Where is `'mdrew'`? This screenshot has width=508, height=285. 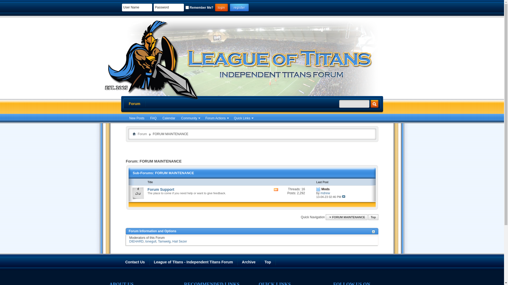
'mdrew' is located at coordinates (325, 193).